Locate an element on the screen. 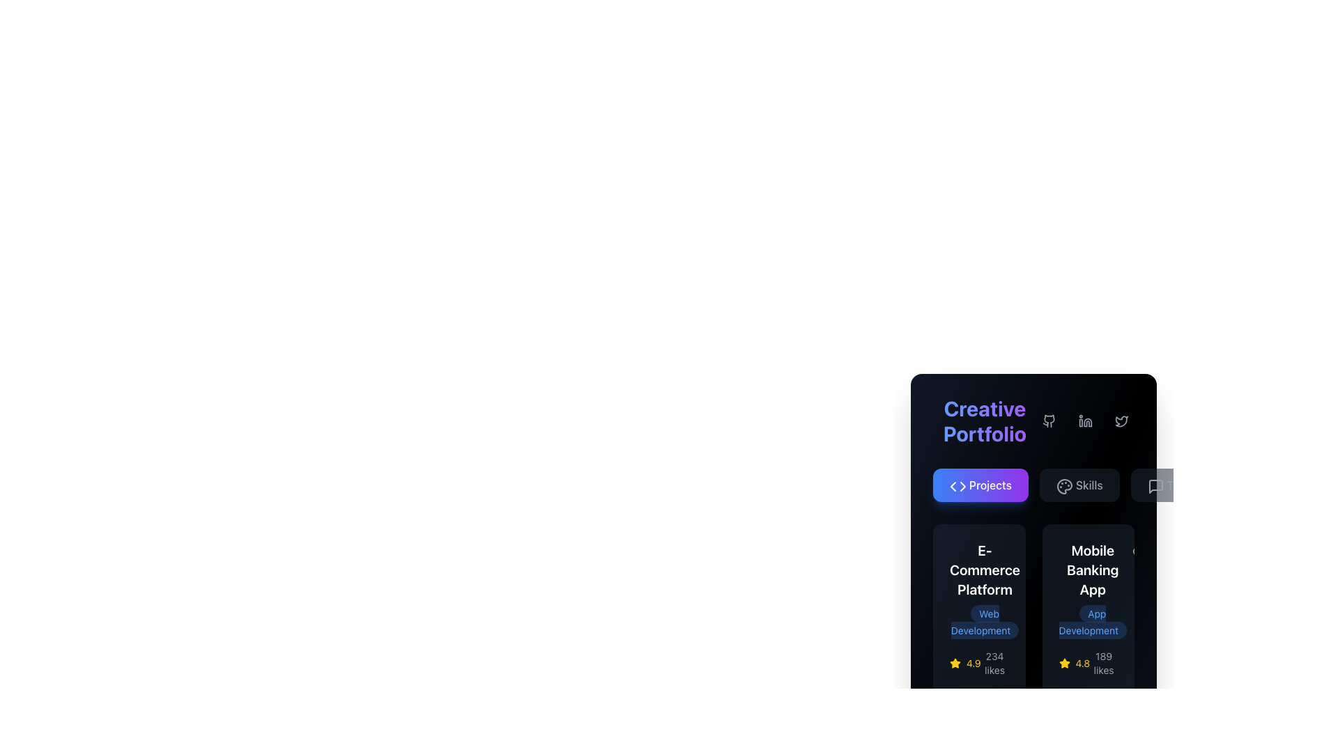 This screenshot has height=752, width=1338. the Twitter icon, which is a simplistic outline of a bird located at the top-right corner of the panel is located at coordinates (1121, 421).